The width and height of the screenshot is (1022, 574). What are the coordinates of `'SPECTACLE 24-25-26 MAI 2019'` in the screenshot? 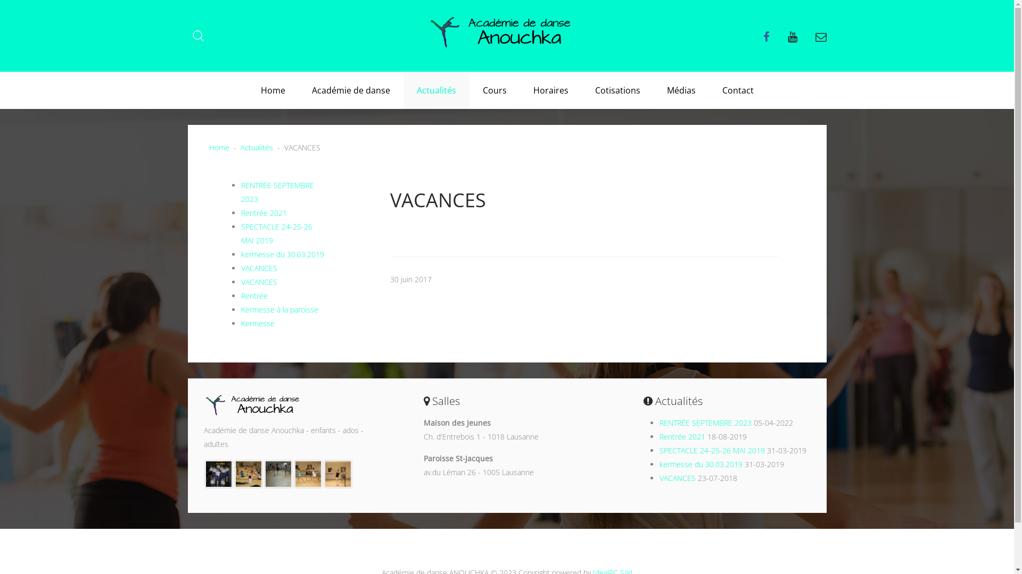 It's located at (712, 450).